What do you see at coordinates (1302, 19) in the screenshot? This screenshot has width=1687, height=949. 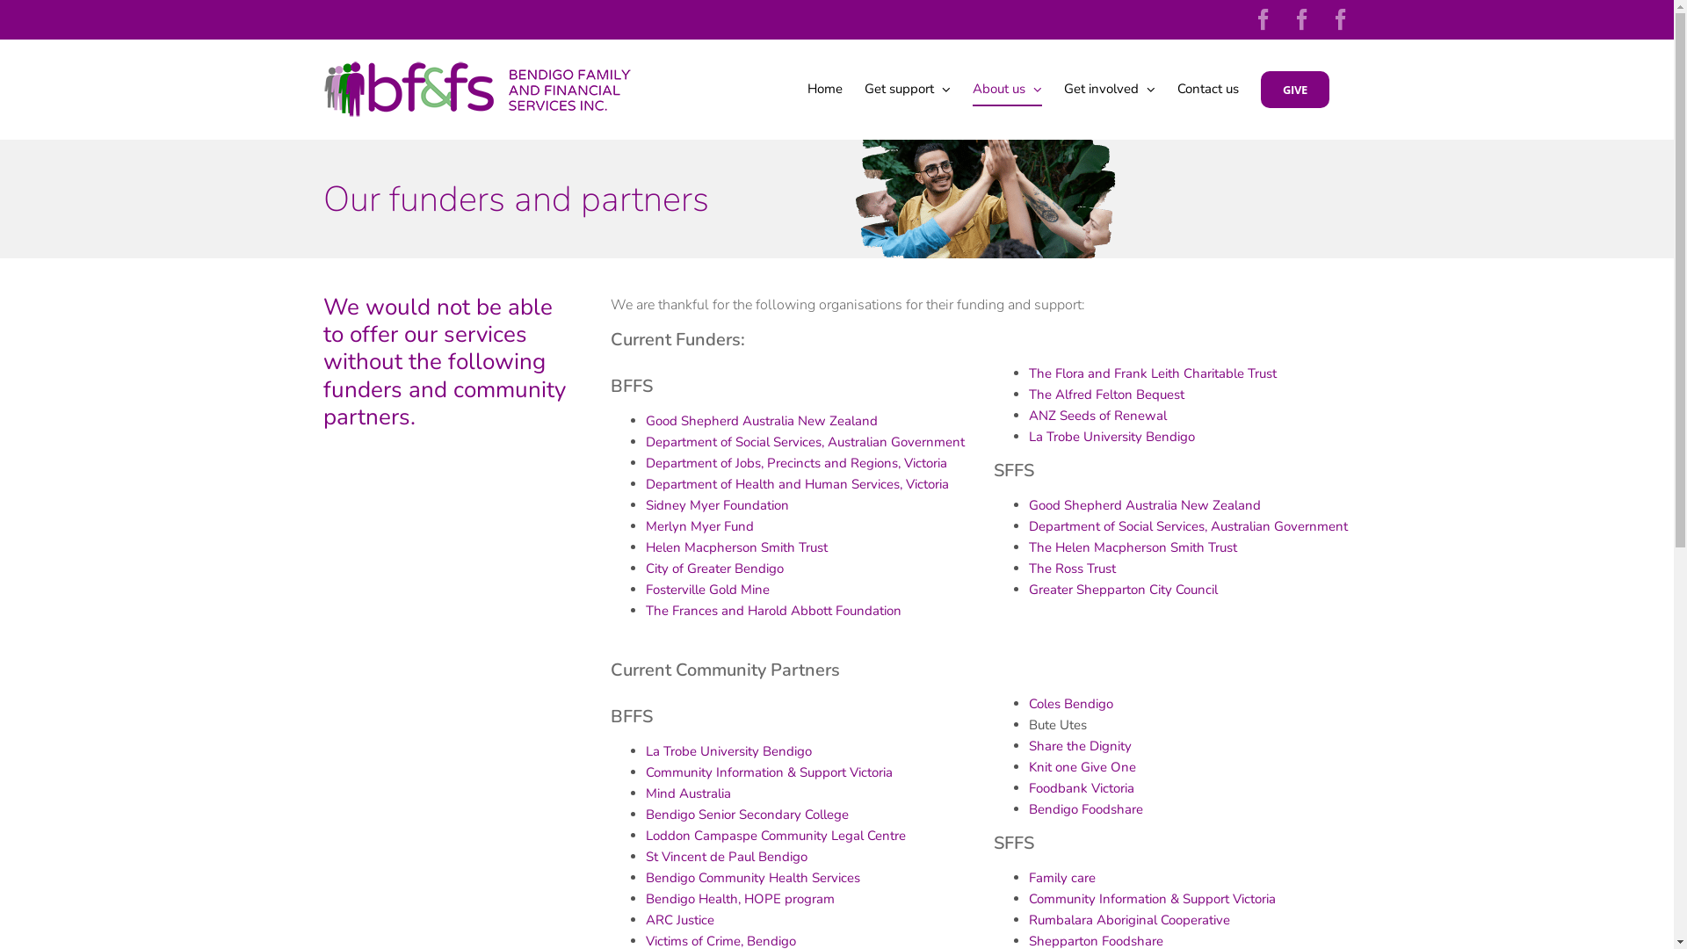 I see `'Facebook'` at bounding box center [1302, 19].